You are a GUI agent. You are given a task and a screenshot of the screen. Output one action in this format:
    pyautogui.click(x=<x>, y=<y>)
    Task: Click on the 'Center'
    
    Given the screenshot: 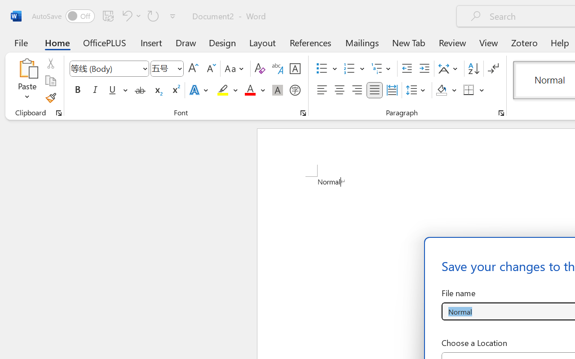 What is the action you would take?
    pyautogui.click(x=339, y=90)
    